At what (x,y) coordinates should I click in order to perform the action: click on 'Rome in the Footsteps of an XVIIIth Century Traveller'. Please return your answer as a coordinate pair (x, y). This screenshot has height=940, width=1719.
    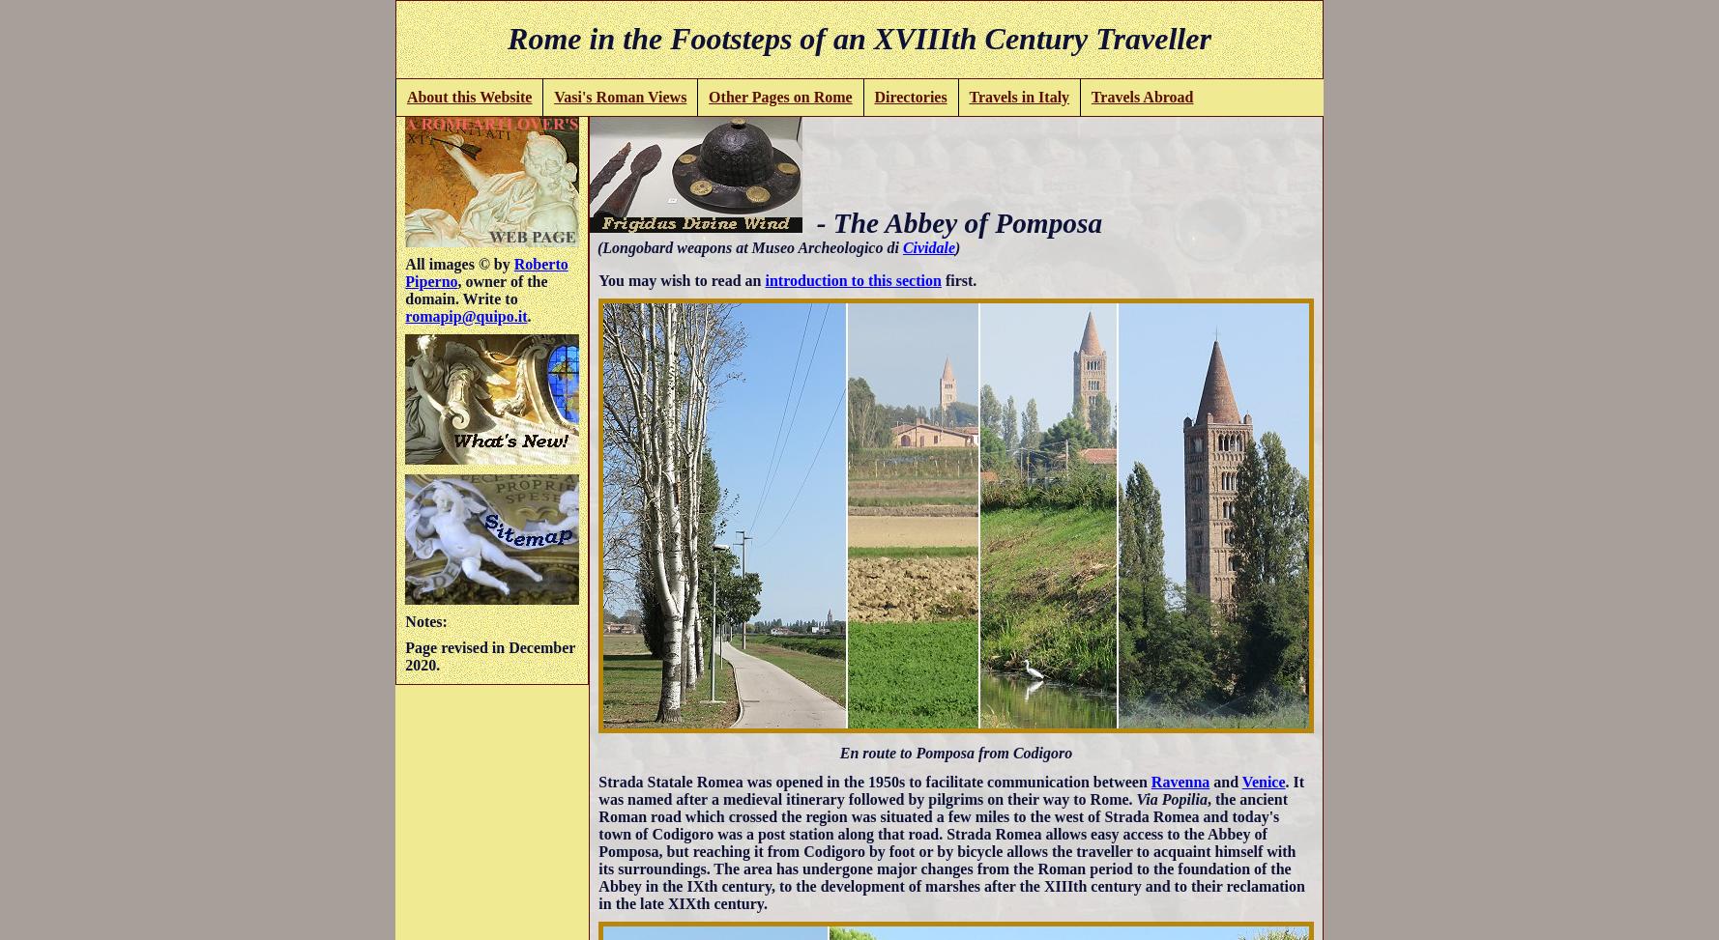
    Looking at the image, I should click on (858, 38).